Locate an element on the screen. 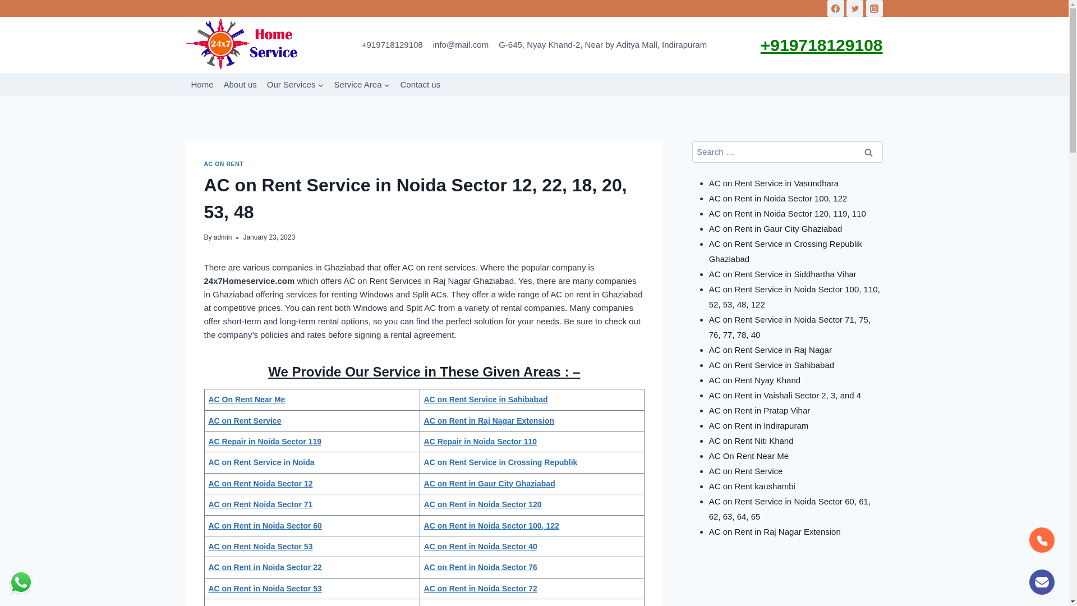  'AC Repair in Noida Sector 110' is located at coordinates (481, 440).